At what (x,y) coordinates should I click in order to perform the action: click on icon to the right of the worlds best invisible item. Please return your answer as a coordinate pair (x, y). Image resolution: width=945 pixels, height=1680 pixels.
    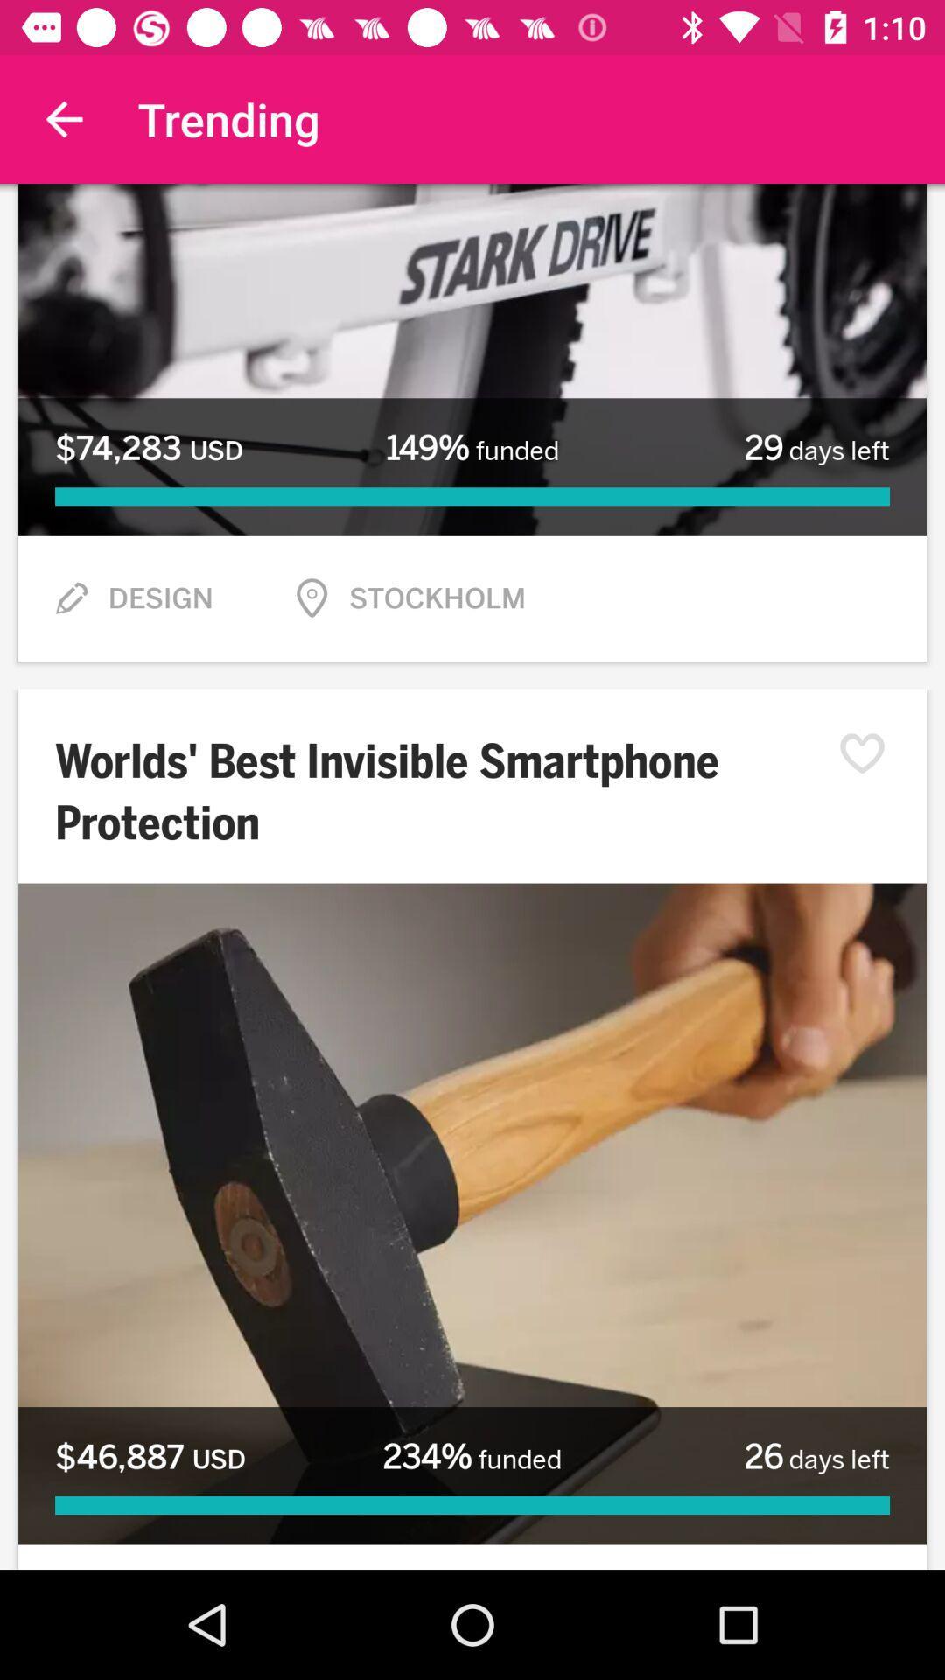
    Looking at the image, I should click on (871, 753).